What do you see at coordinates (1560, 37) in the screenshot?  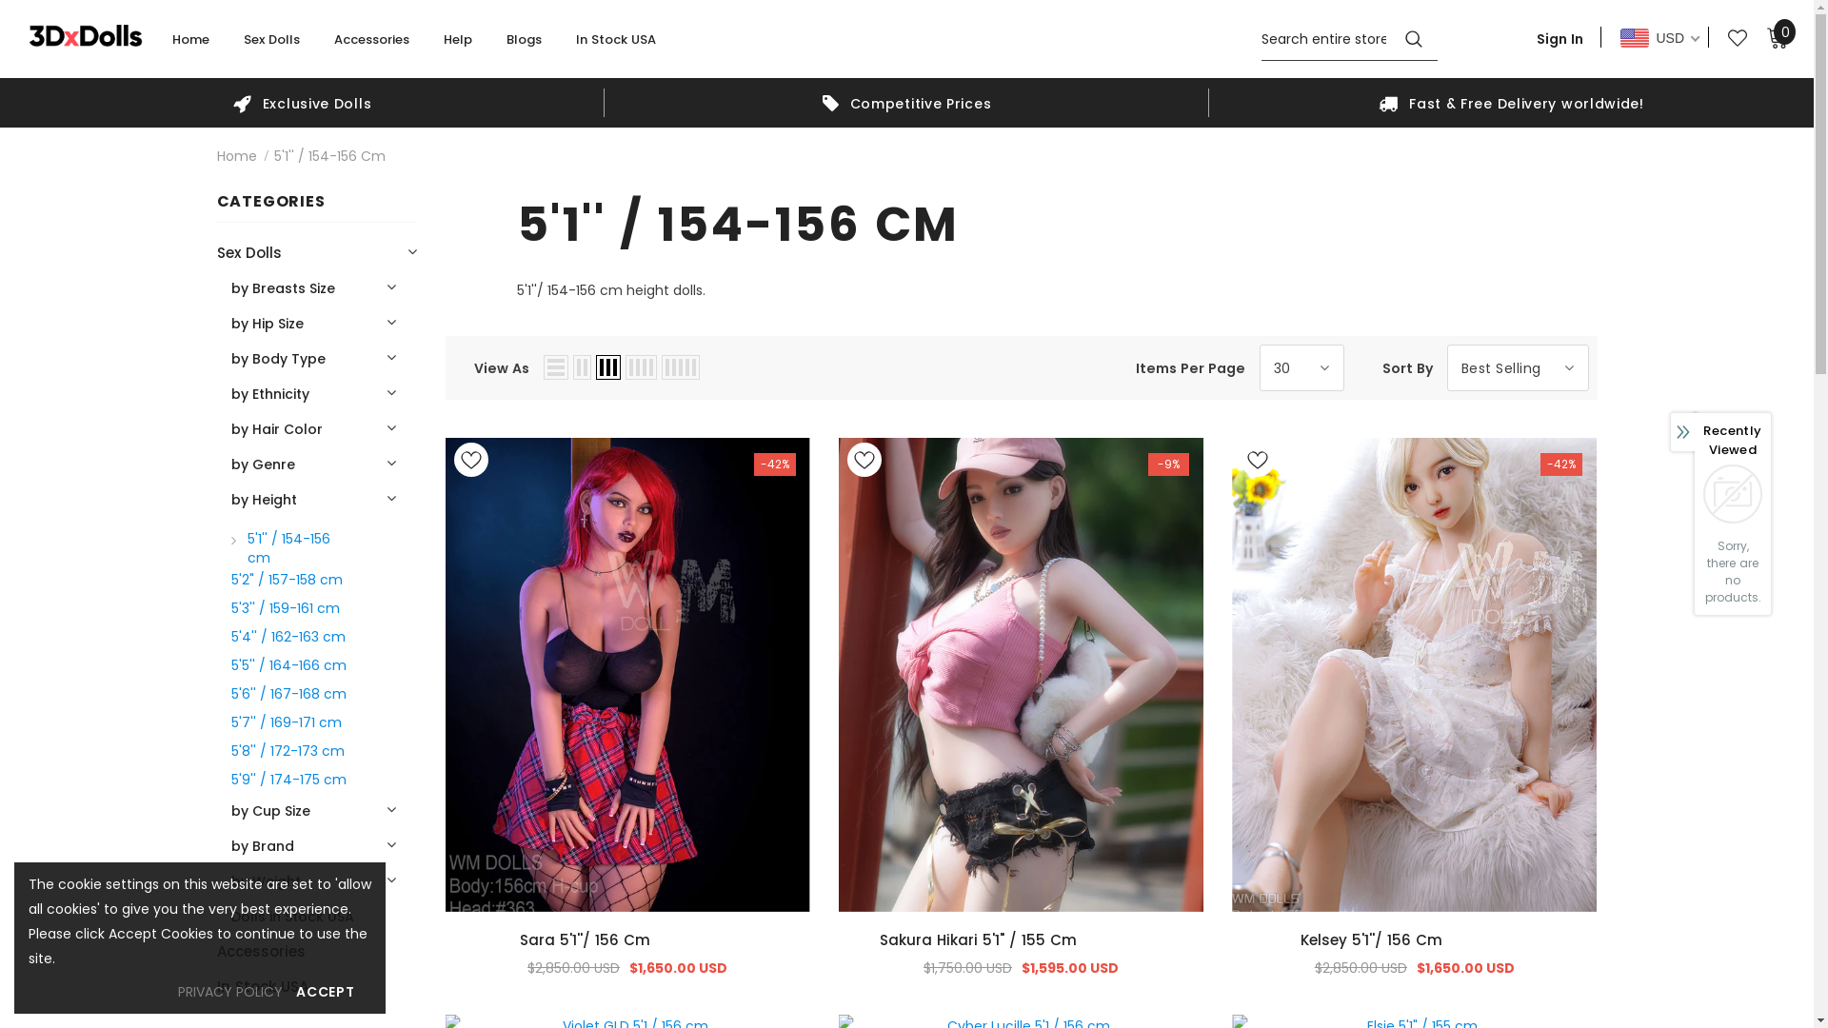 I see `'Sign In'` at bounding box center [1560, 37].